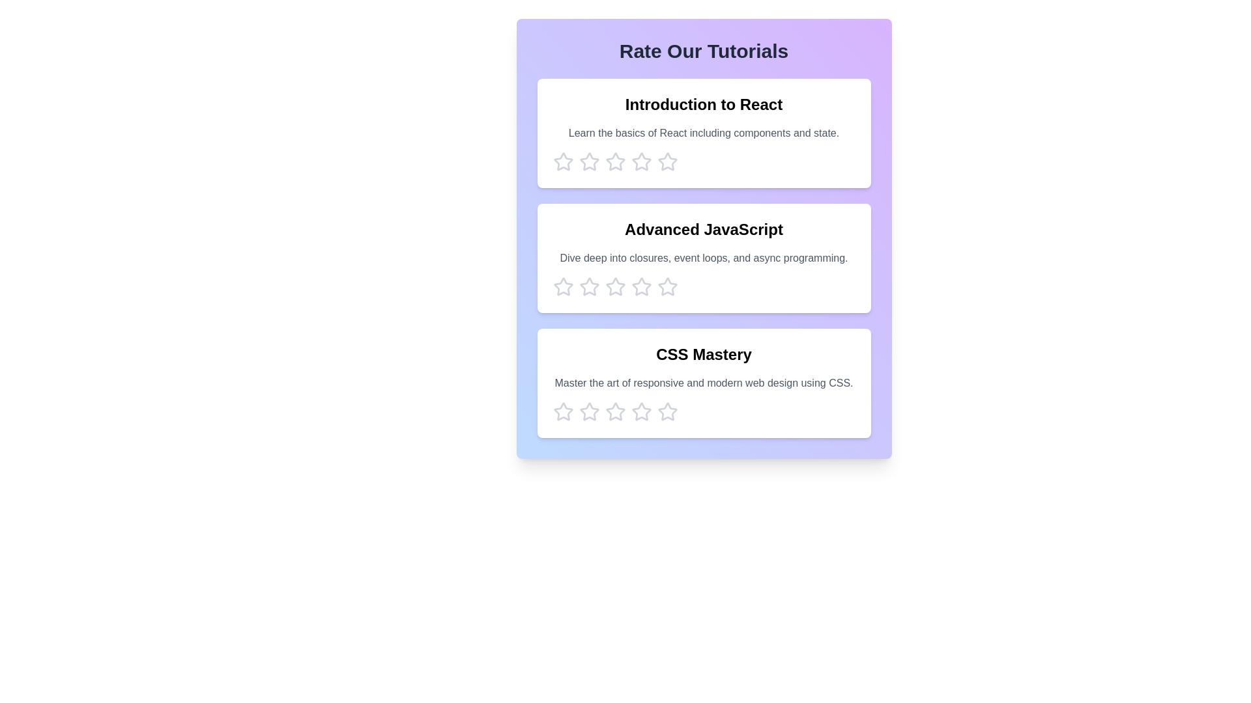 The image size is (1251, 703). Describe the element at coordinates (667, 161) in the screenshot. I see `the star corresponding to 5 stars to preview the rating effect` at that location.